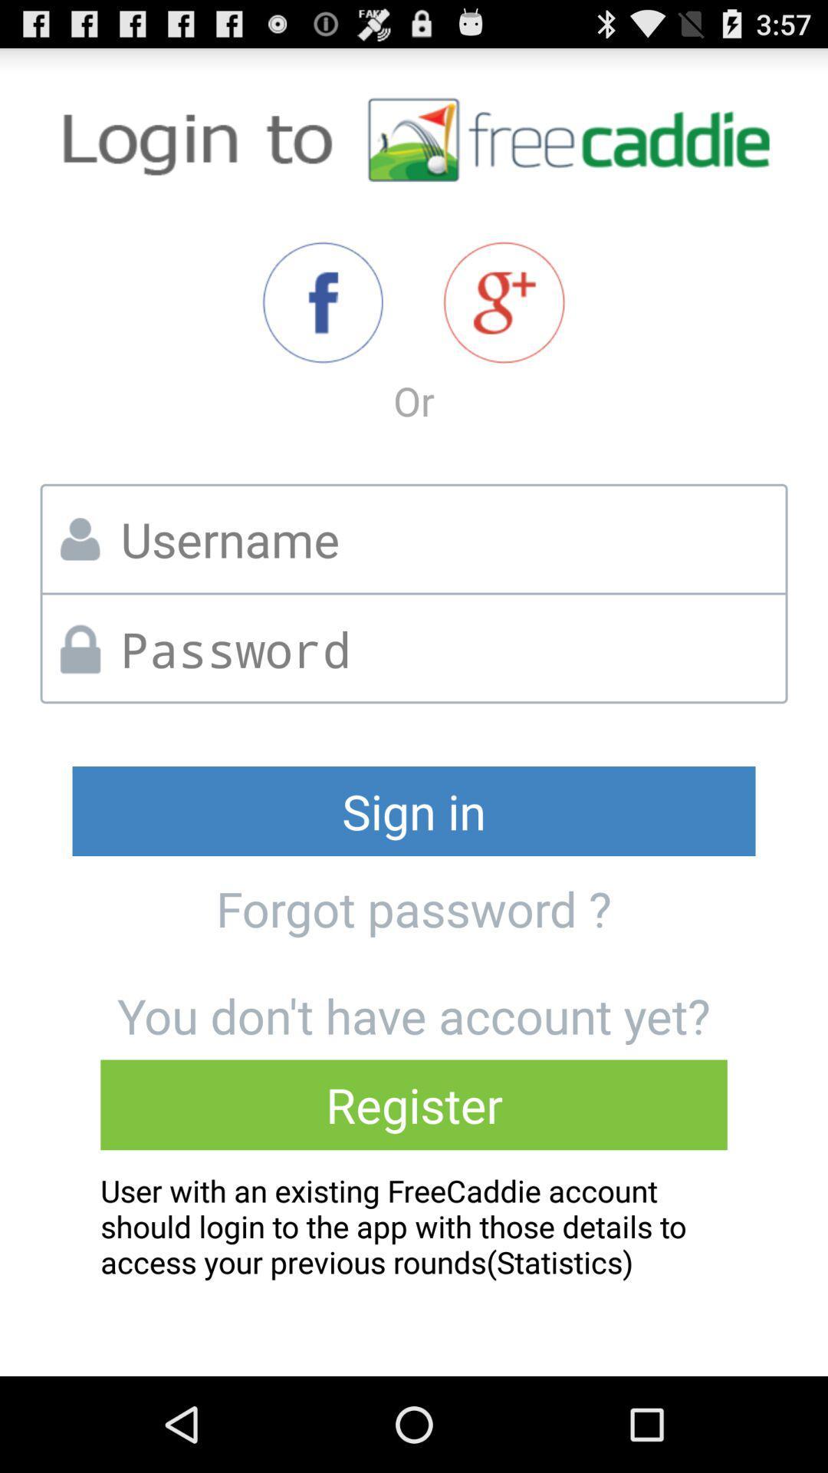 The width and height of the screenshot is (828, 1473). Describe the element at coordinates (322, 302) in the screenshot. I see `item above the or icon` at that location.